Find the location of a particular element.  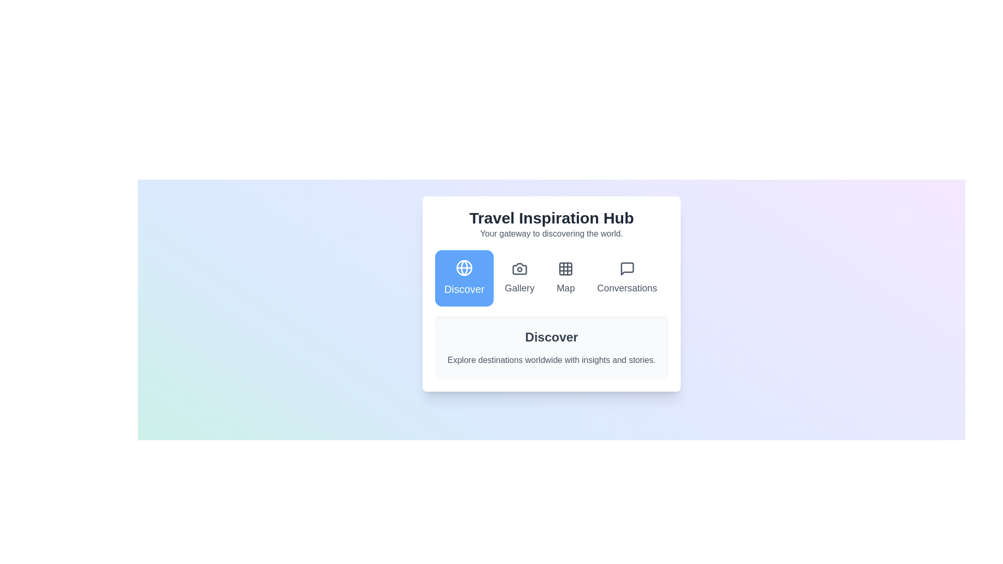

the top-left icon in the 3x3 grid layout of the main content card is located at coordinates (565, 268).